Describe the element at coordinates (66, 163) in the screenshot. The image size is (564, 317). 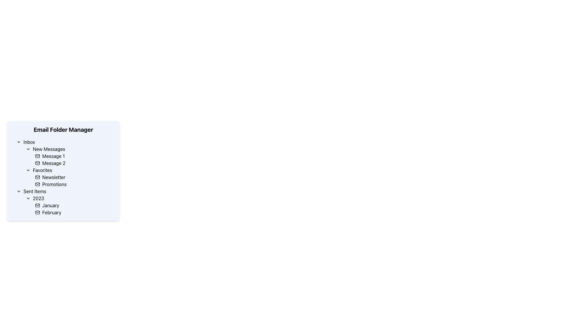
I see `the collapsible section labeled 'Inbox' within the 'Email Folder Manager'` at that location.